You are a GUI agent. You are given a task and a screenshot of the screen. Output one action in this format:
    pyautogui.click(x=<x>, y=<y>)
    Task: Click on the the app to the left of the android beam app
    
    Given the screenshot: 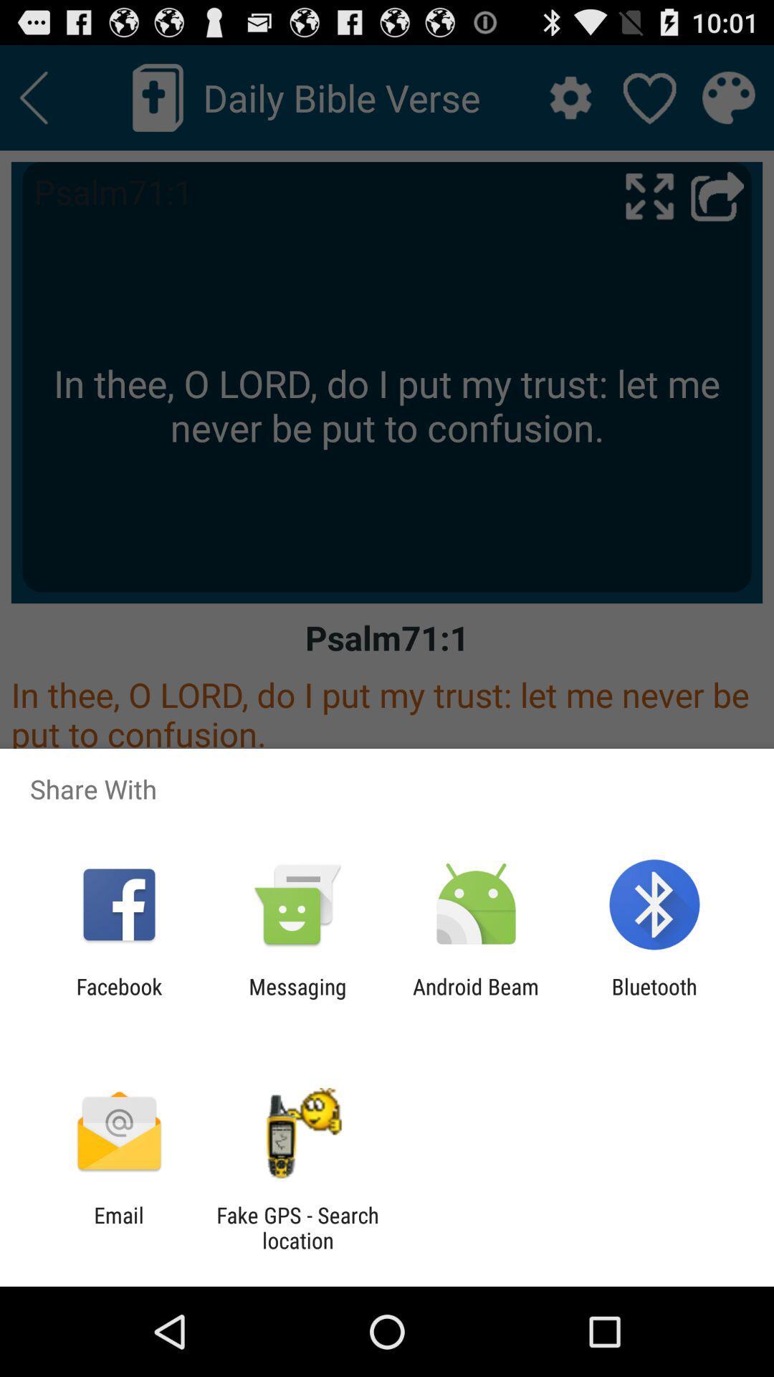 What is the action you would take?
    pyautogui.click(x=297, y=998)
    